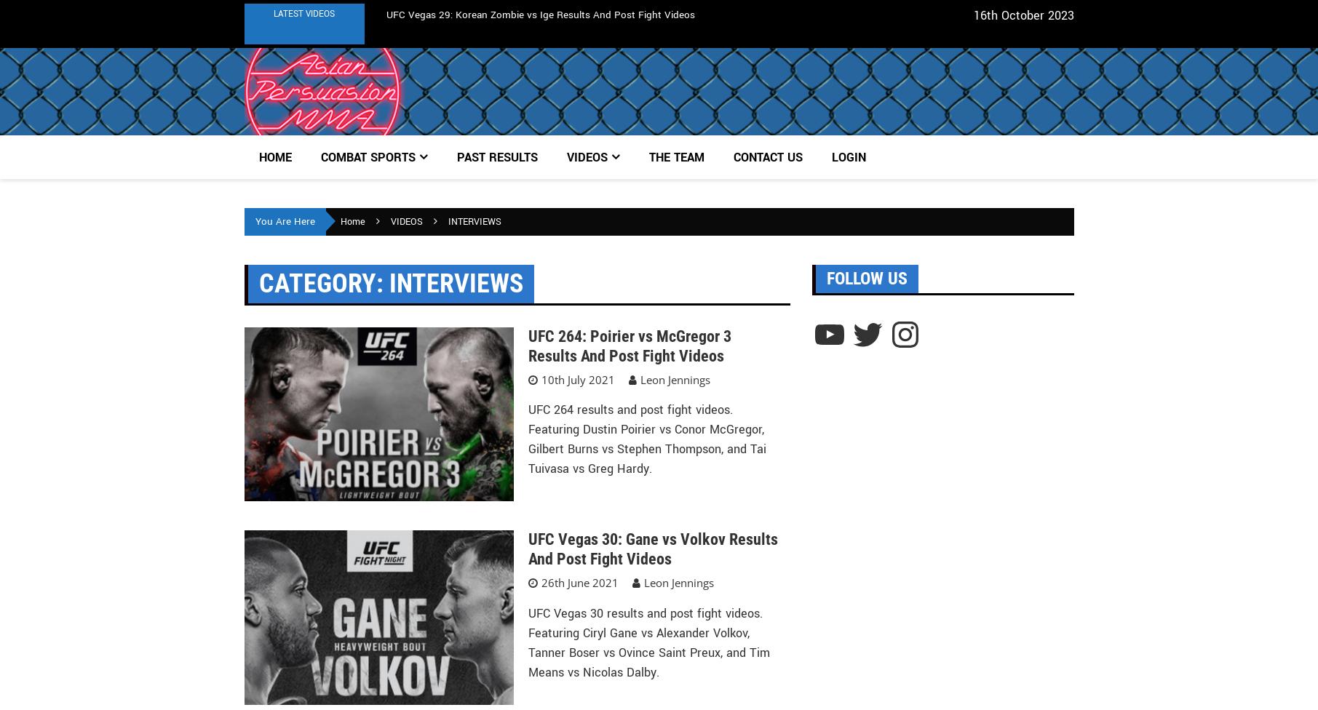 The height and width of the screenshot is (710, 1318). I want to click on 'VIDEOS', so click(389, 221).